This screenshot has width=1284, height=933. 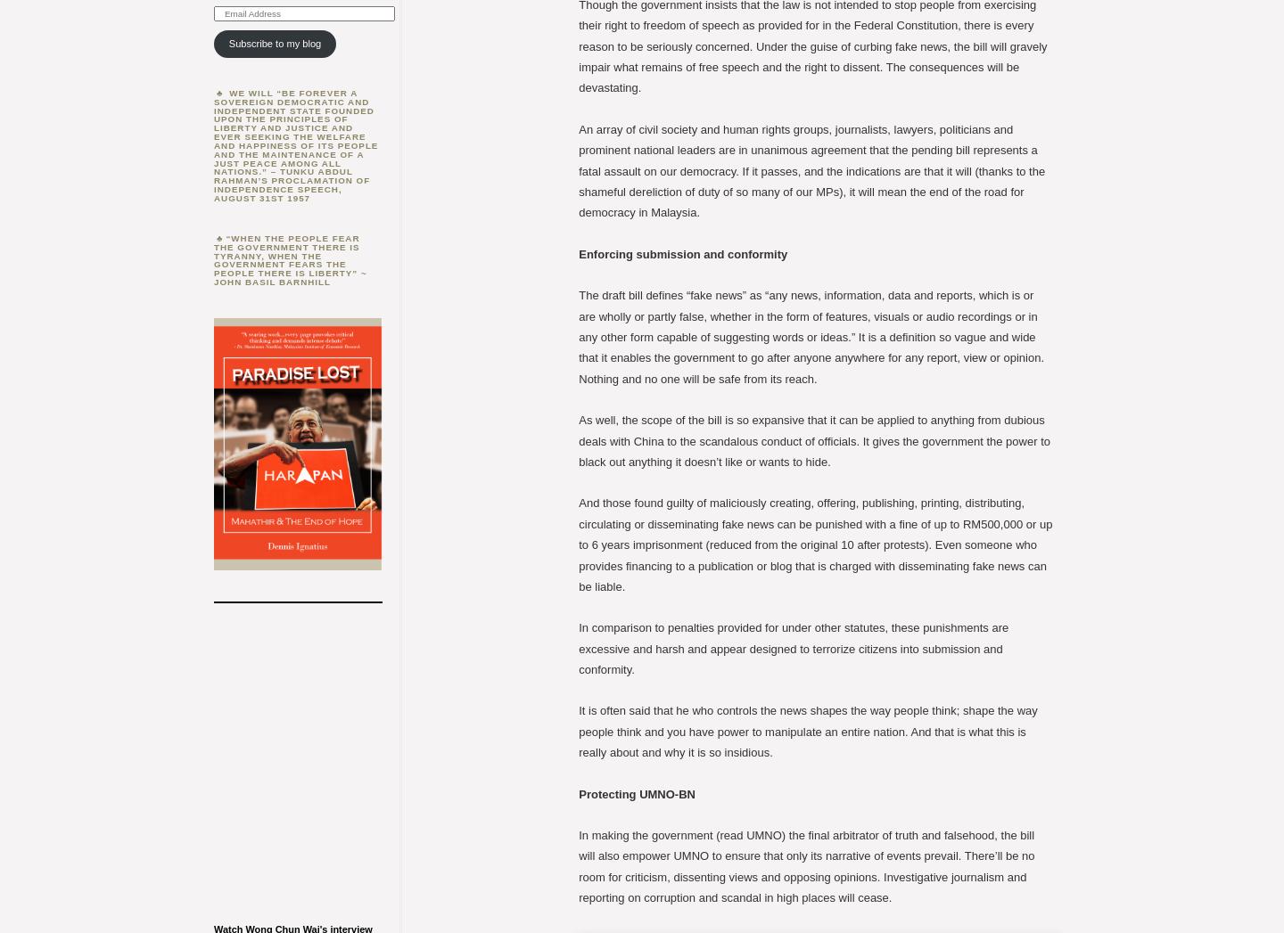 What do you see at coordinates (578, 648) in the screenshot?
I see `'In comparison to penalties provided for under other statutes, these punishments are excessive and harsh and appear designed to terrorize citizens into submission and conformity.'` at bounding box center [578, 648].